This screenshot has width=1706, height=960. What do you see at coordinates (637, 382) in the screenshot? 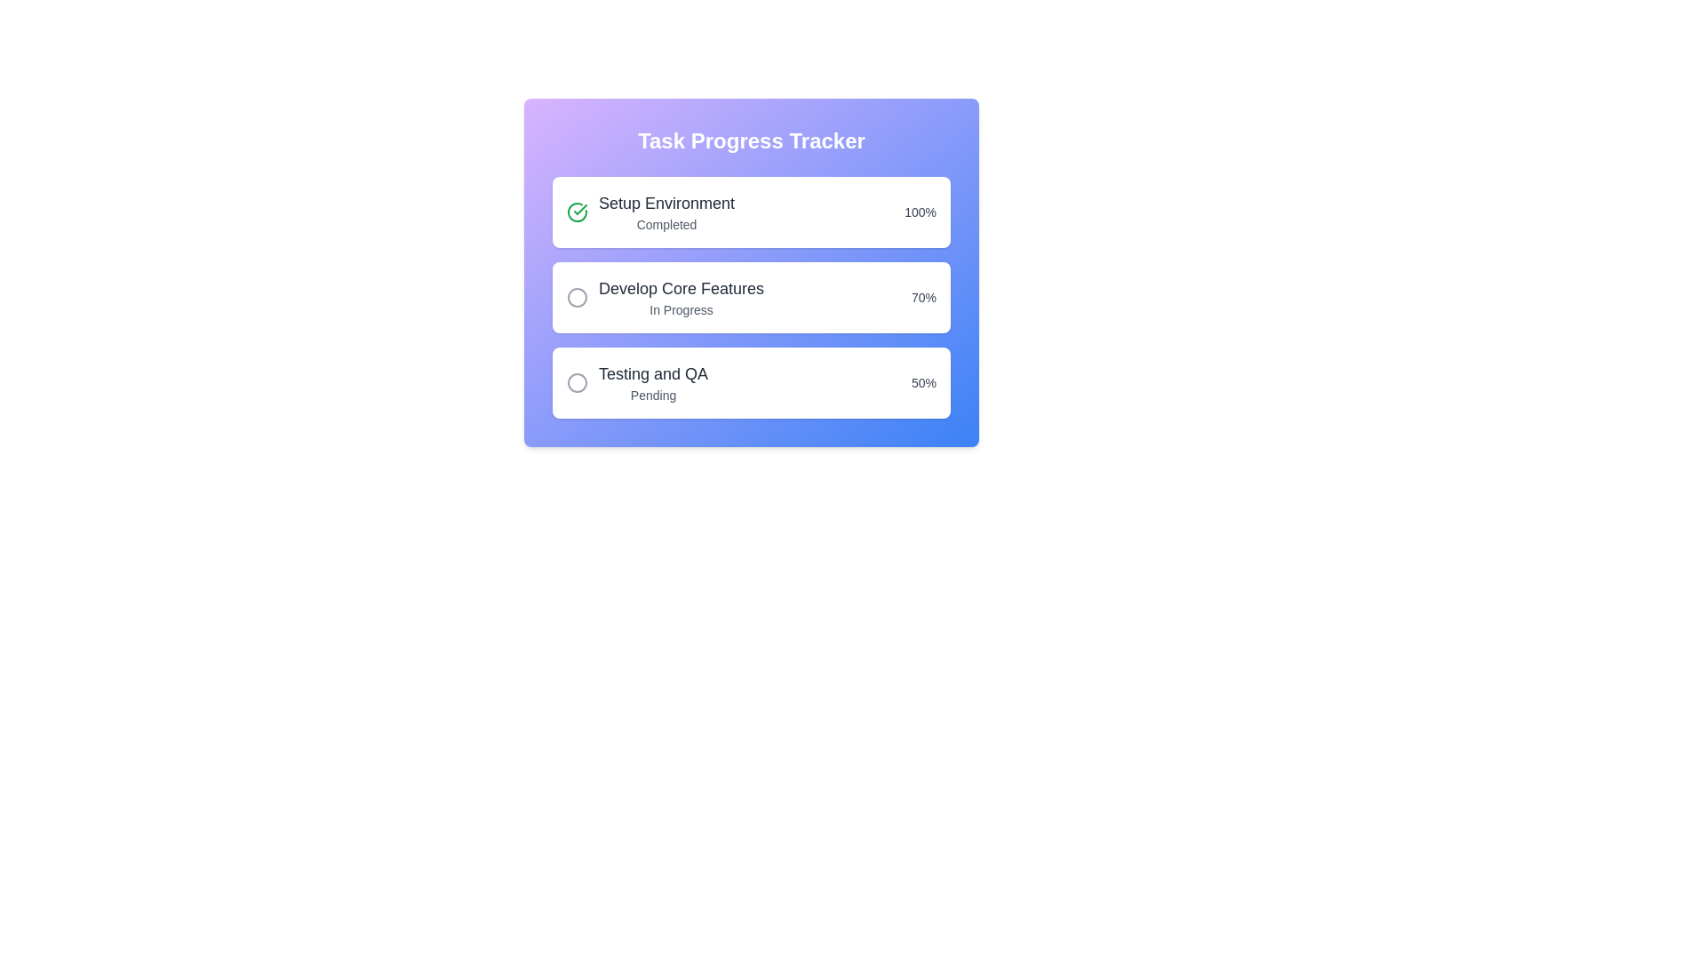
I see `the 'Testing and QA' task item in the progress tracker interface, which is located in the third row and indicates a 'Pending' state` at bounding box center [637, 382].